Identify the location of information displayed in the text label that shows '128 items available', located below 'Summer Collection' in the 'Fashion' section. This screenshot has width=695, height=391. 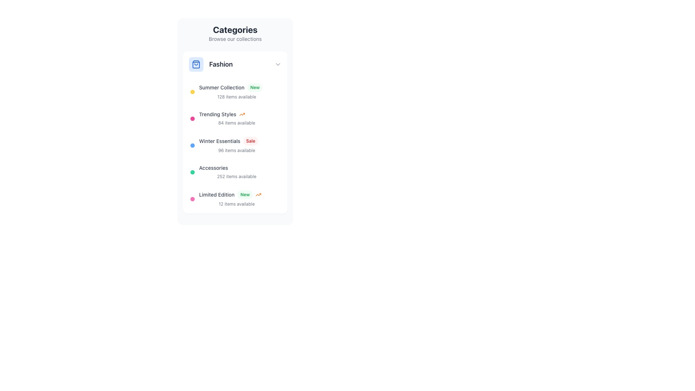
(236, 96).